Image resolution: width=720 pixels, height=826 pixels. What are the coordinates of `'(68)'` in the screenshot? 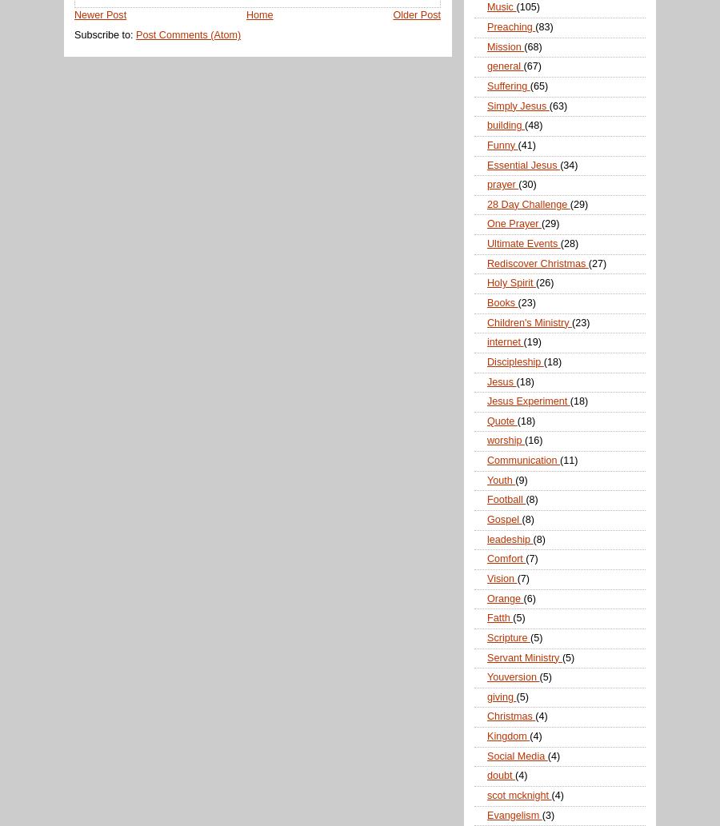 It's located at (533, 46).